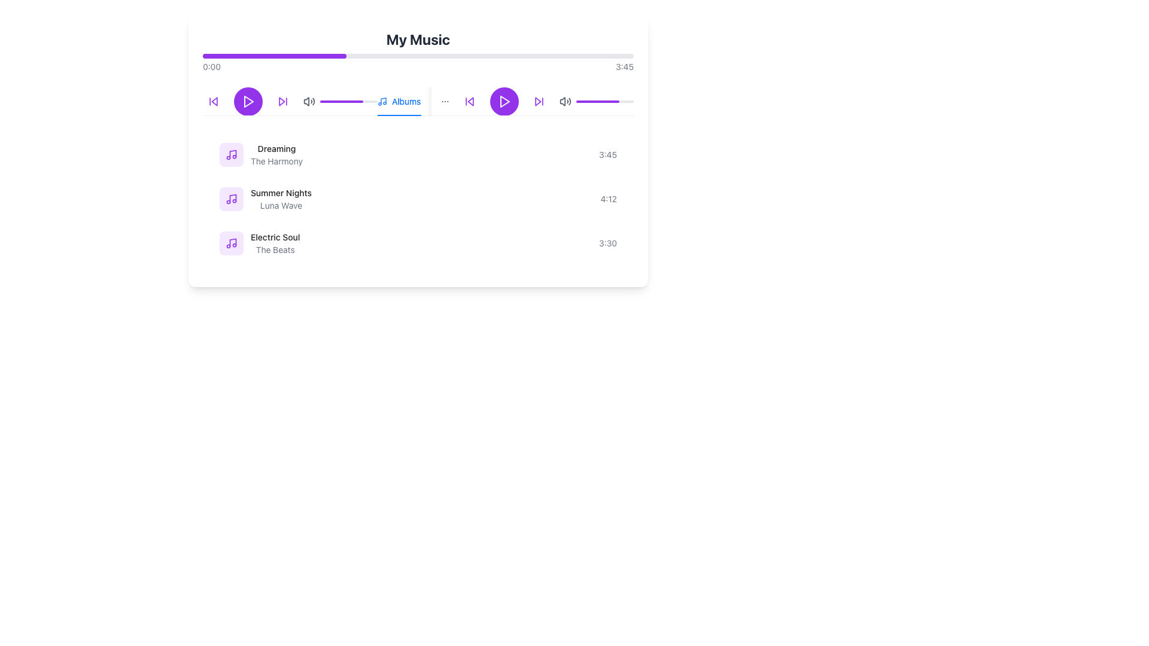  Describe the element at coordinates (327, 100) in the screenshot. I see `playback position` at that location.